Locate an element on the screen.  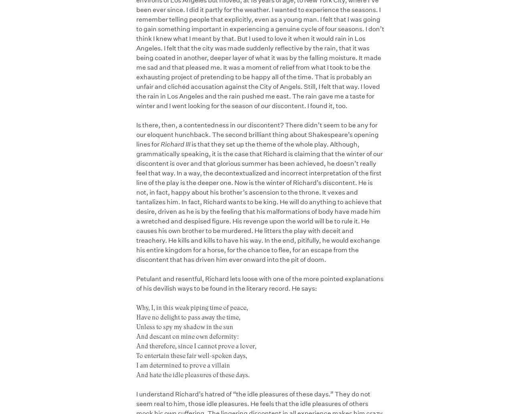
'And therefore, since I cannot prove a lover,' is located at coordinates (196, 345).